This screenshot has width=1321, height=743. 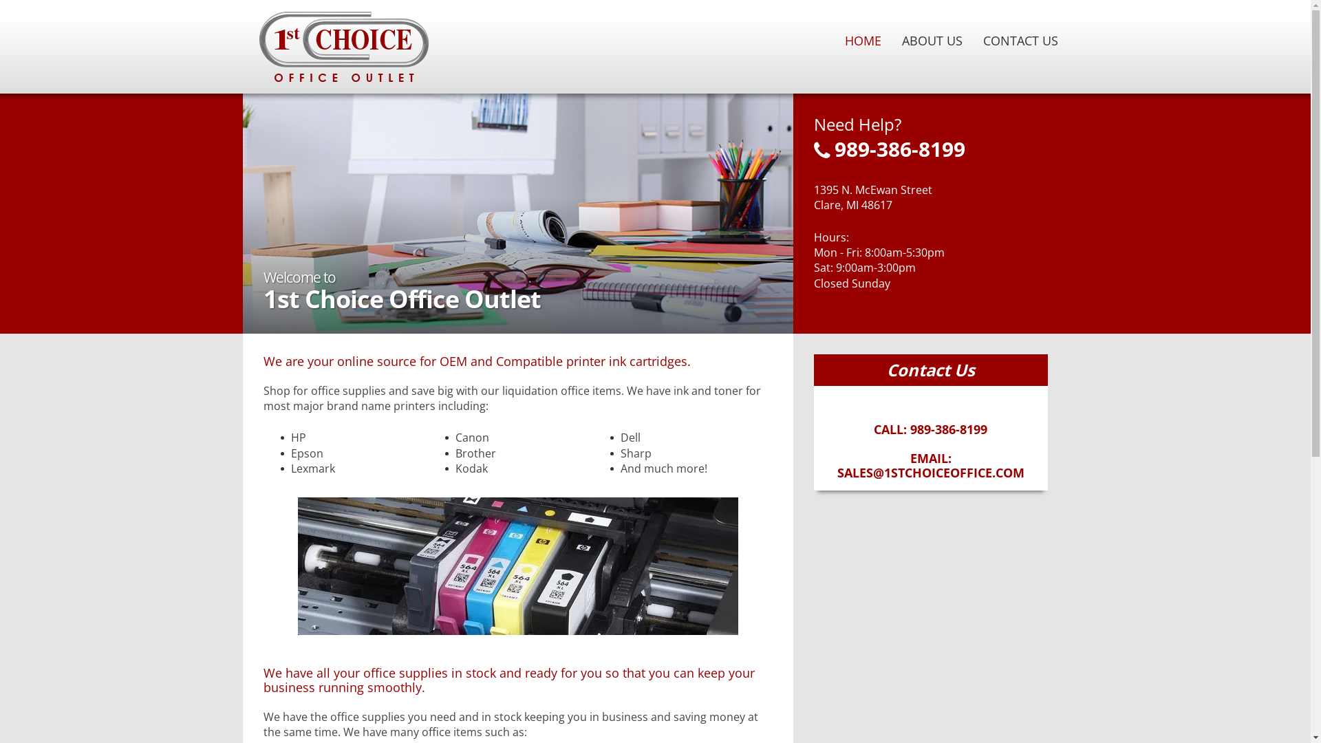 What do you see at coordinates (892, 39) in the screenshot?
I see `'ABOUT US'` at bounding box center [892, 39].